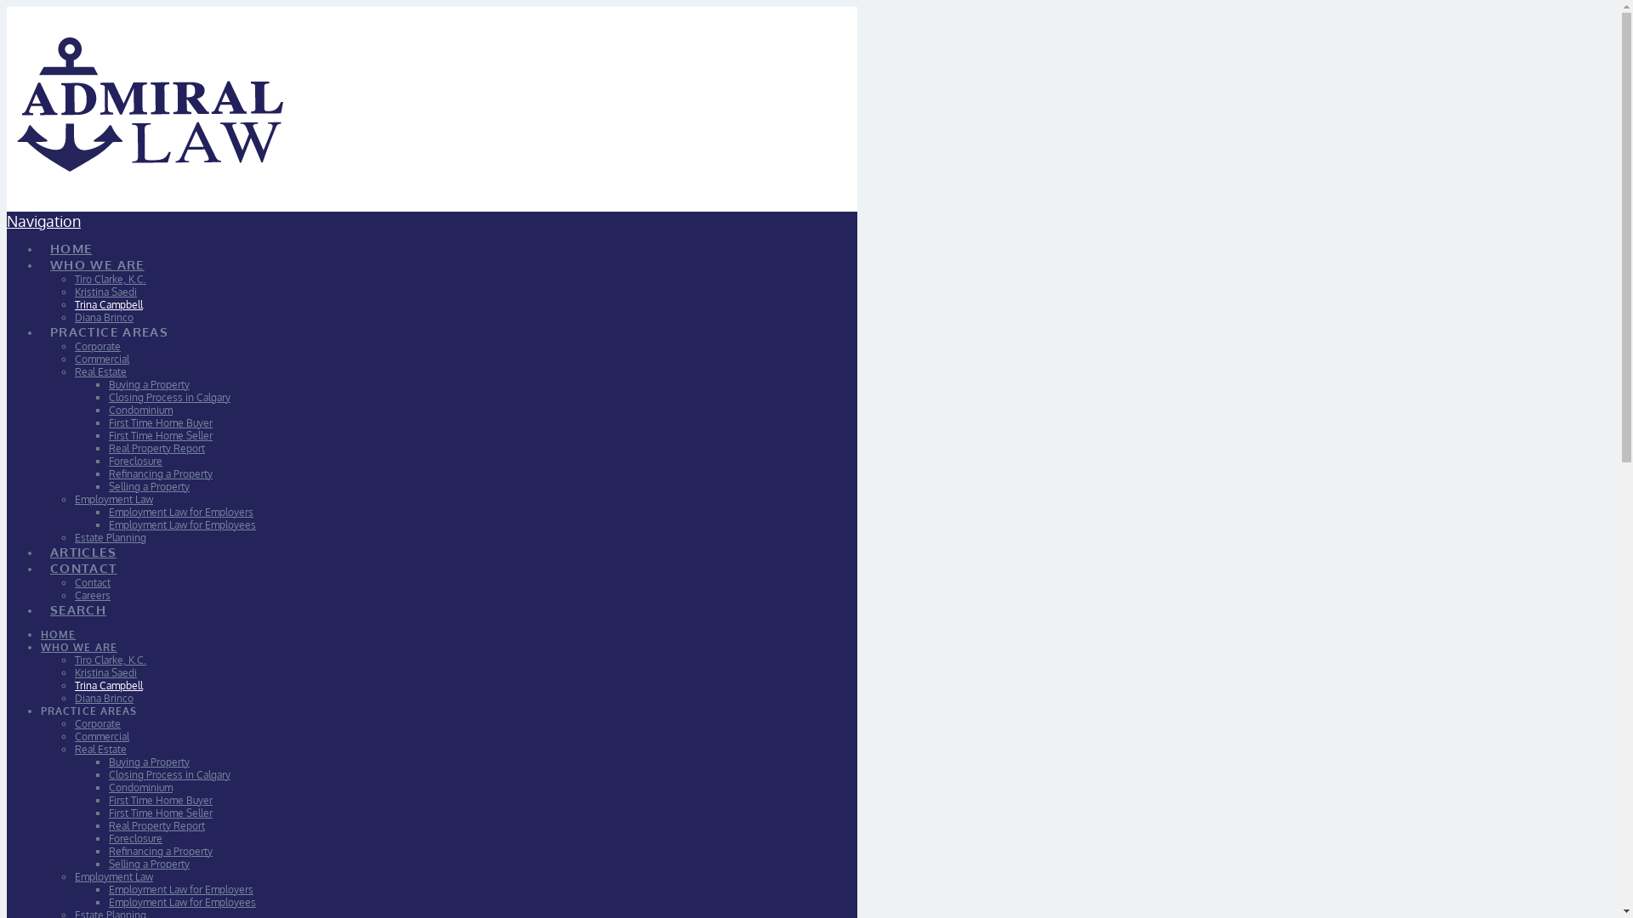 This screenshot has height=918, width=1633. I want to click on 'CONTACT', so click(41, 559).